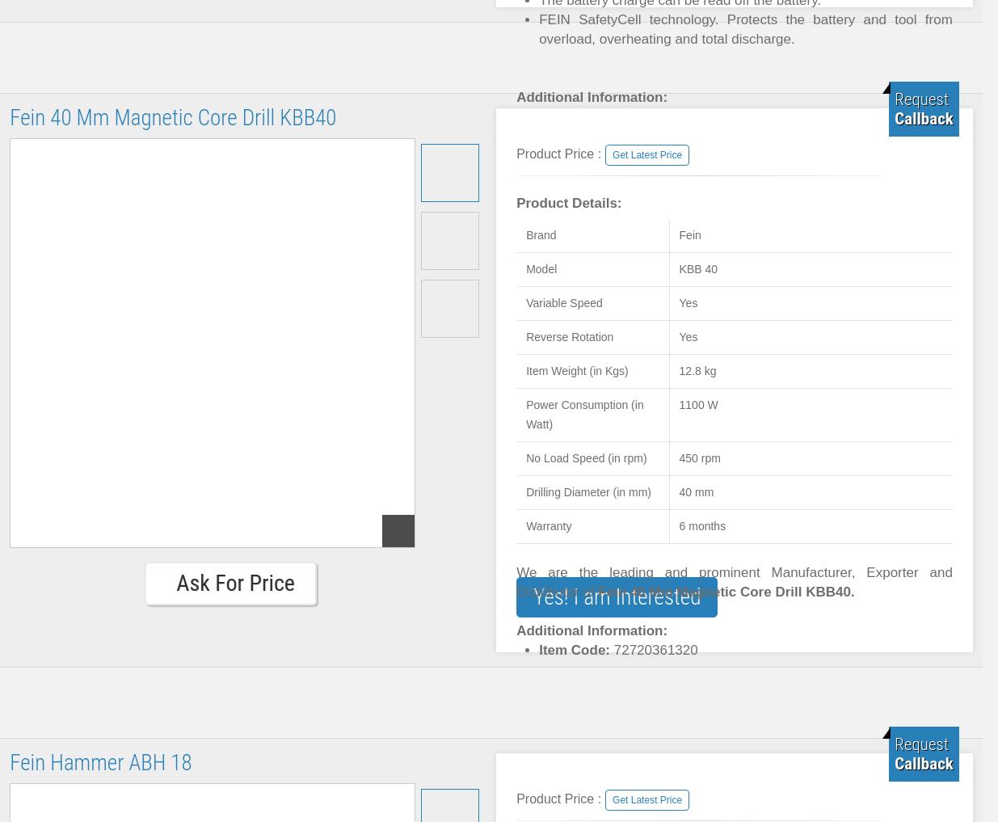 This screenshot has height=822, width=998. I want to click on 'Power Consumption (in Watt)', so click(584, 414).